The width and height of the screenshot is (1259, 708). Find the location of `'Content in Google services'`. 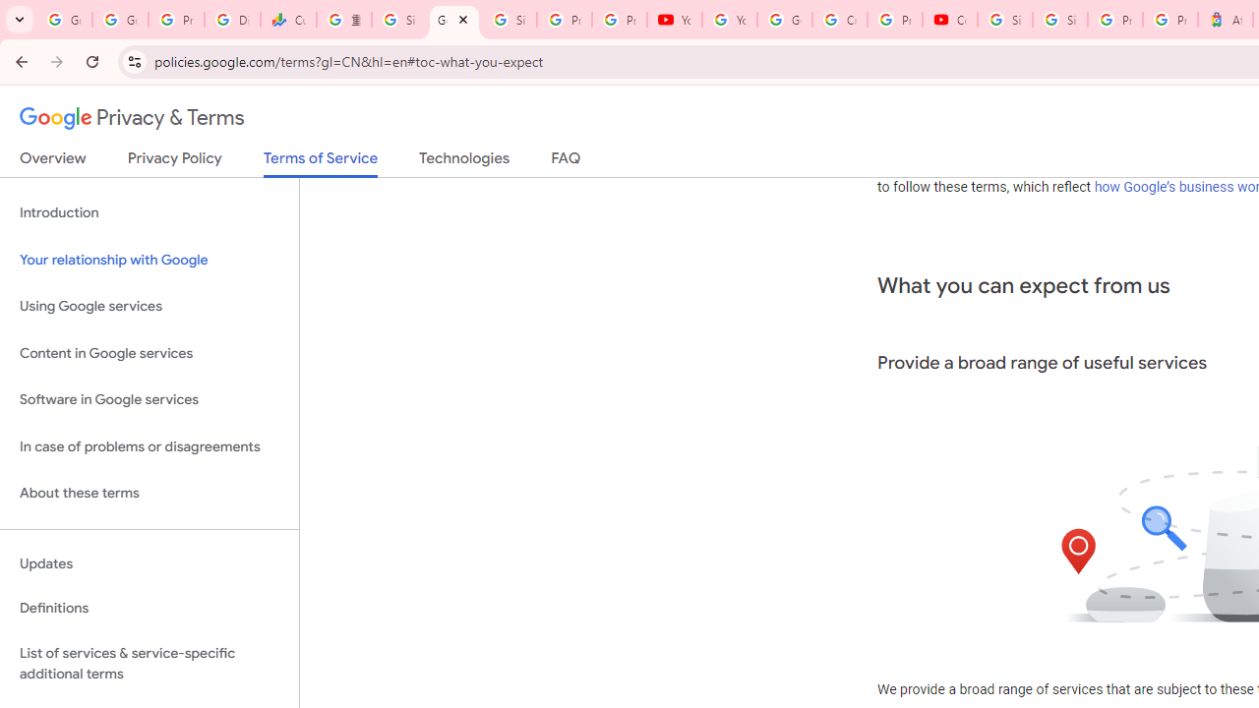

'Content in Google services' is located at coordinates (149, 352).